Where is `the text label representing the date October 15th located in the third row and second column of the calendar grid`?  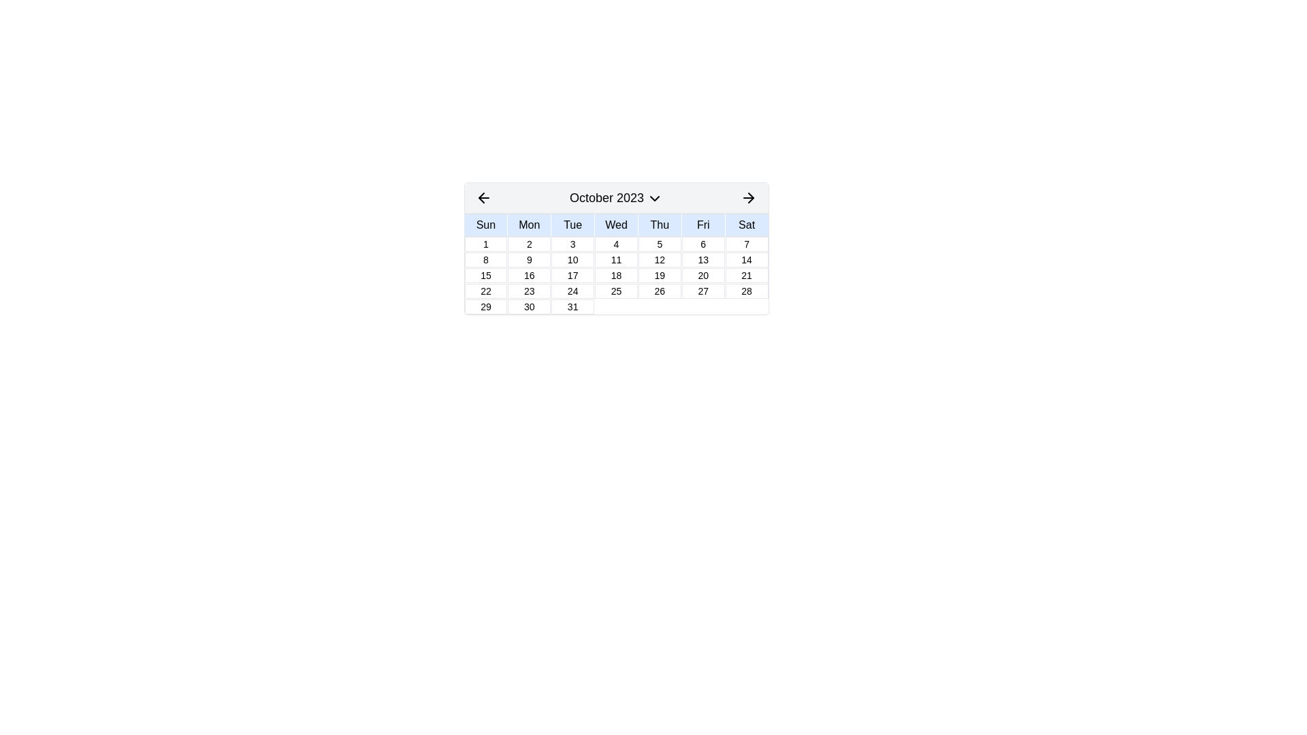 the text label representing the date October 15th located in the third row and second column of the calendar grid is located at coordinates (485, 276).